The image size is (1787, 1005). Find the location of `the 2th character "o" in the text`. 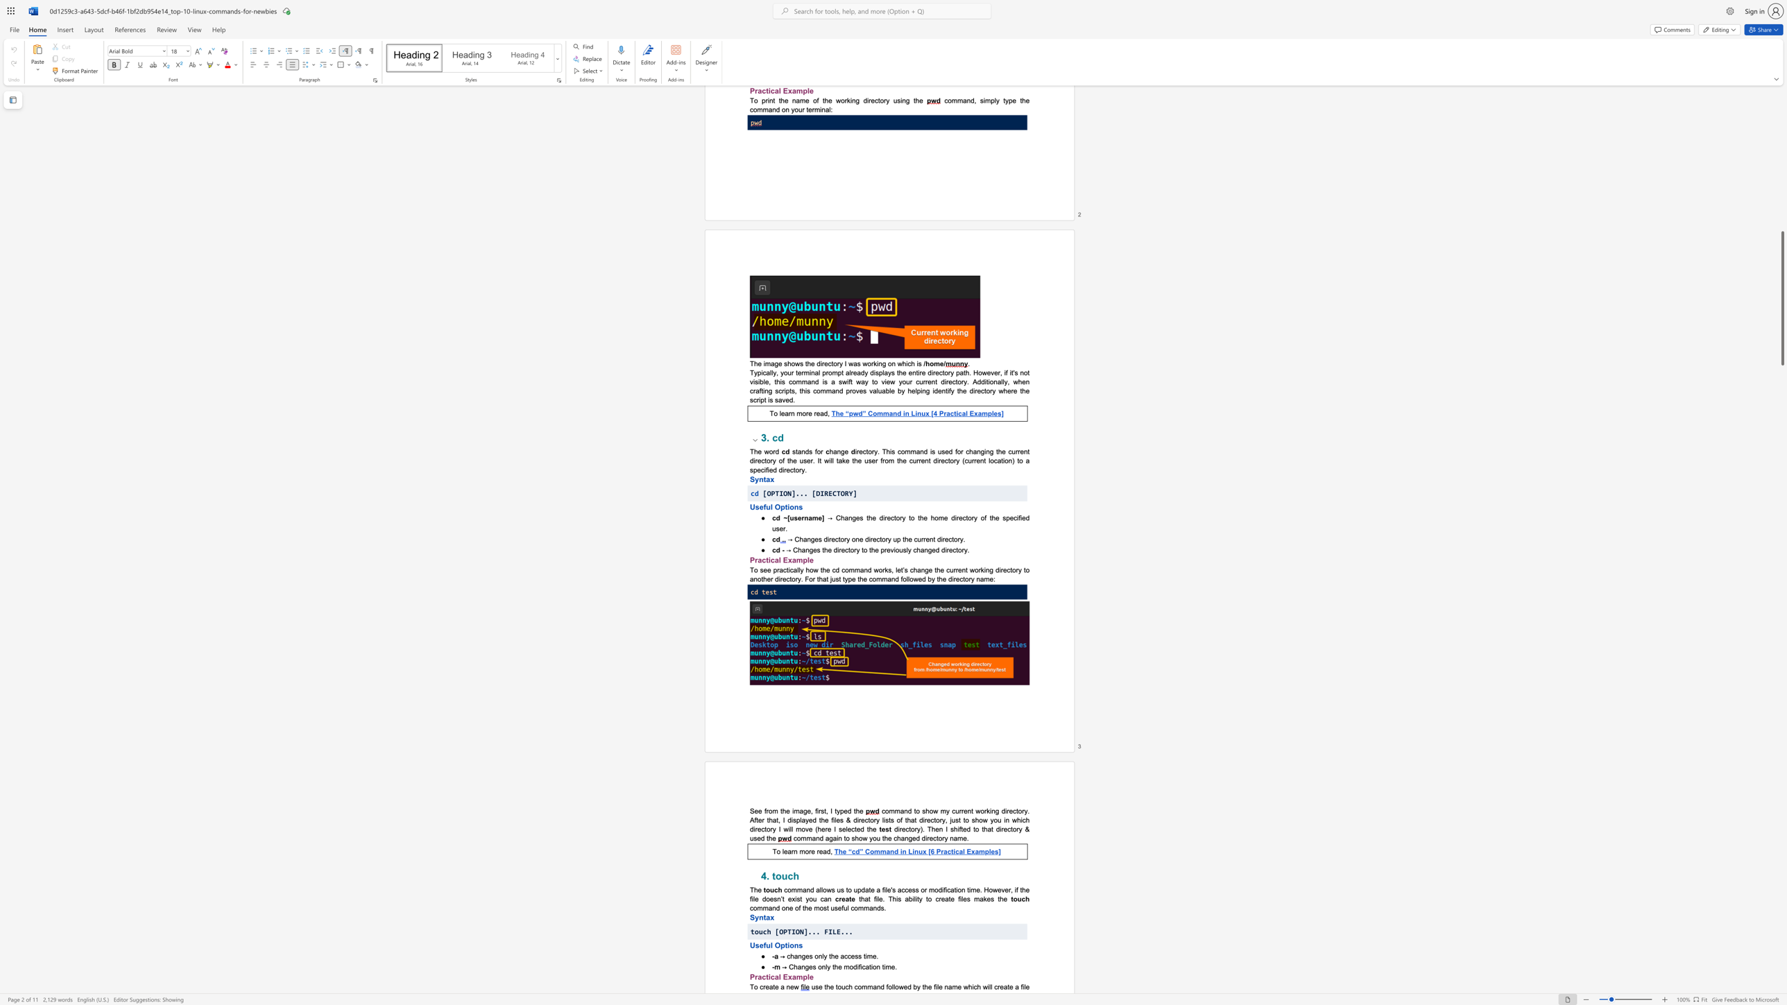

the 2th character "o" in the text is located at coordinates (851, 966).